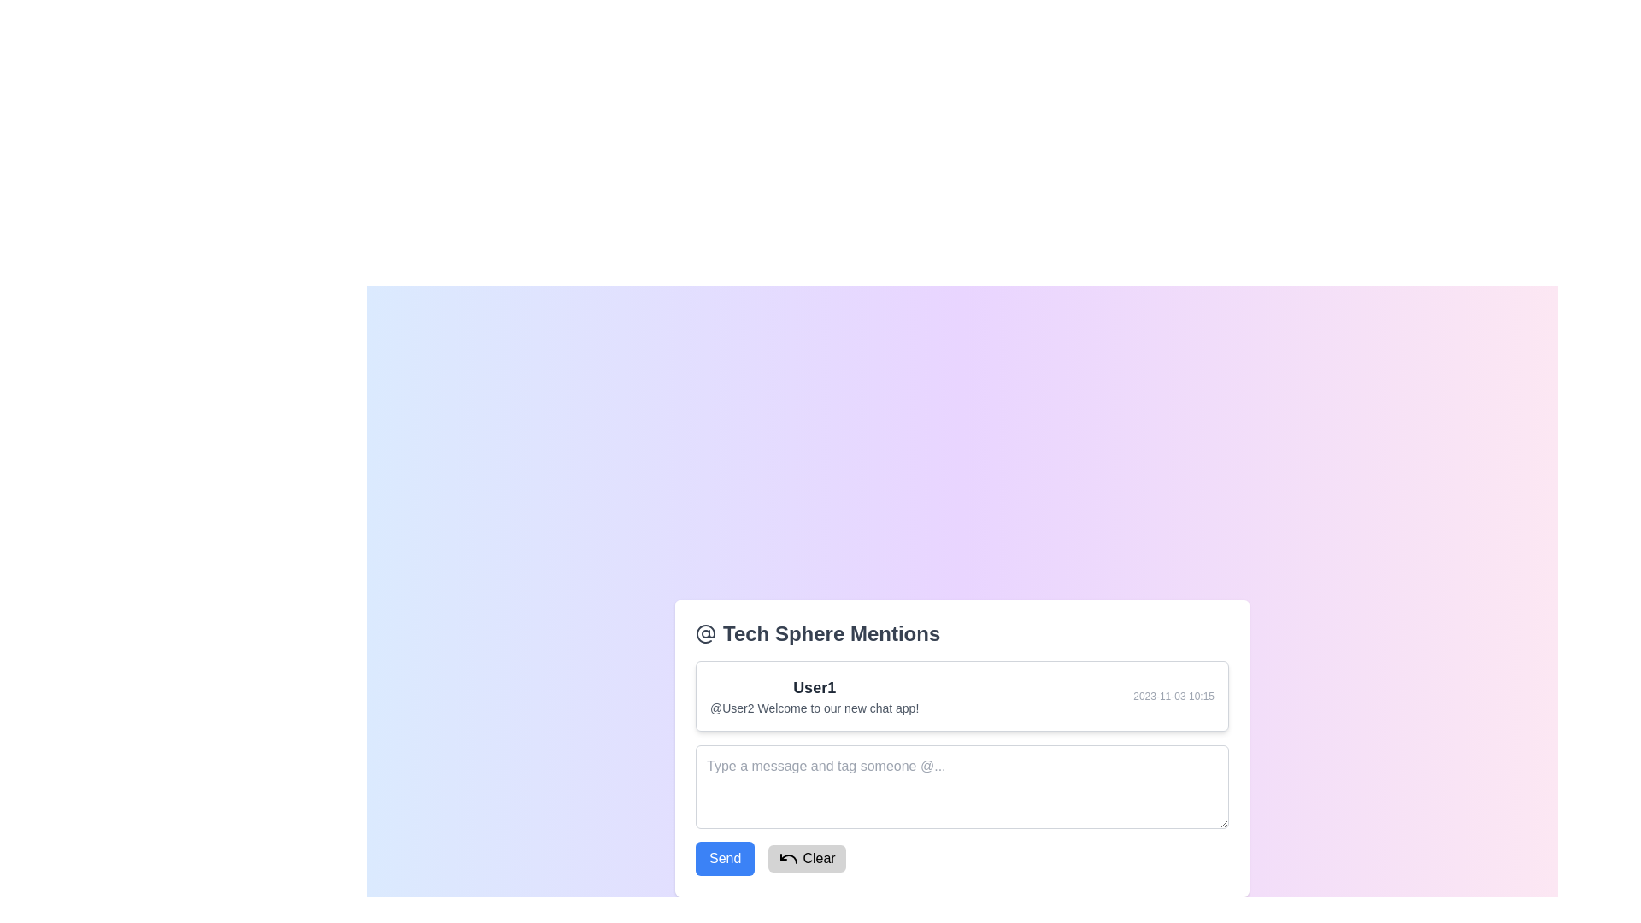  I want to click on the Text Display element that prominently shows 'User1' followed by '@User2 Welcome to our new chat app!' in a chat interface, so click(814, 696).